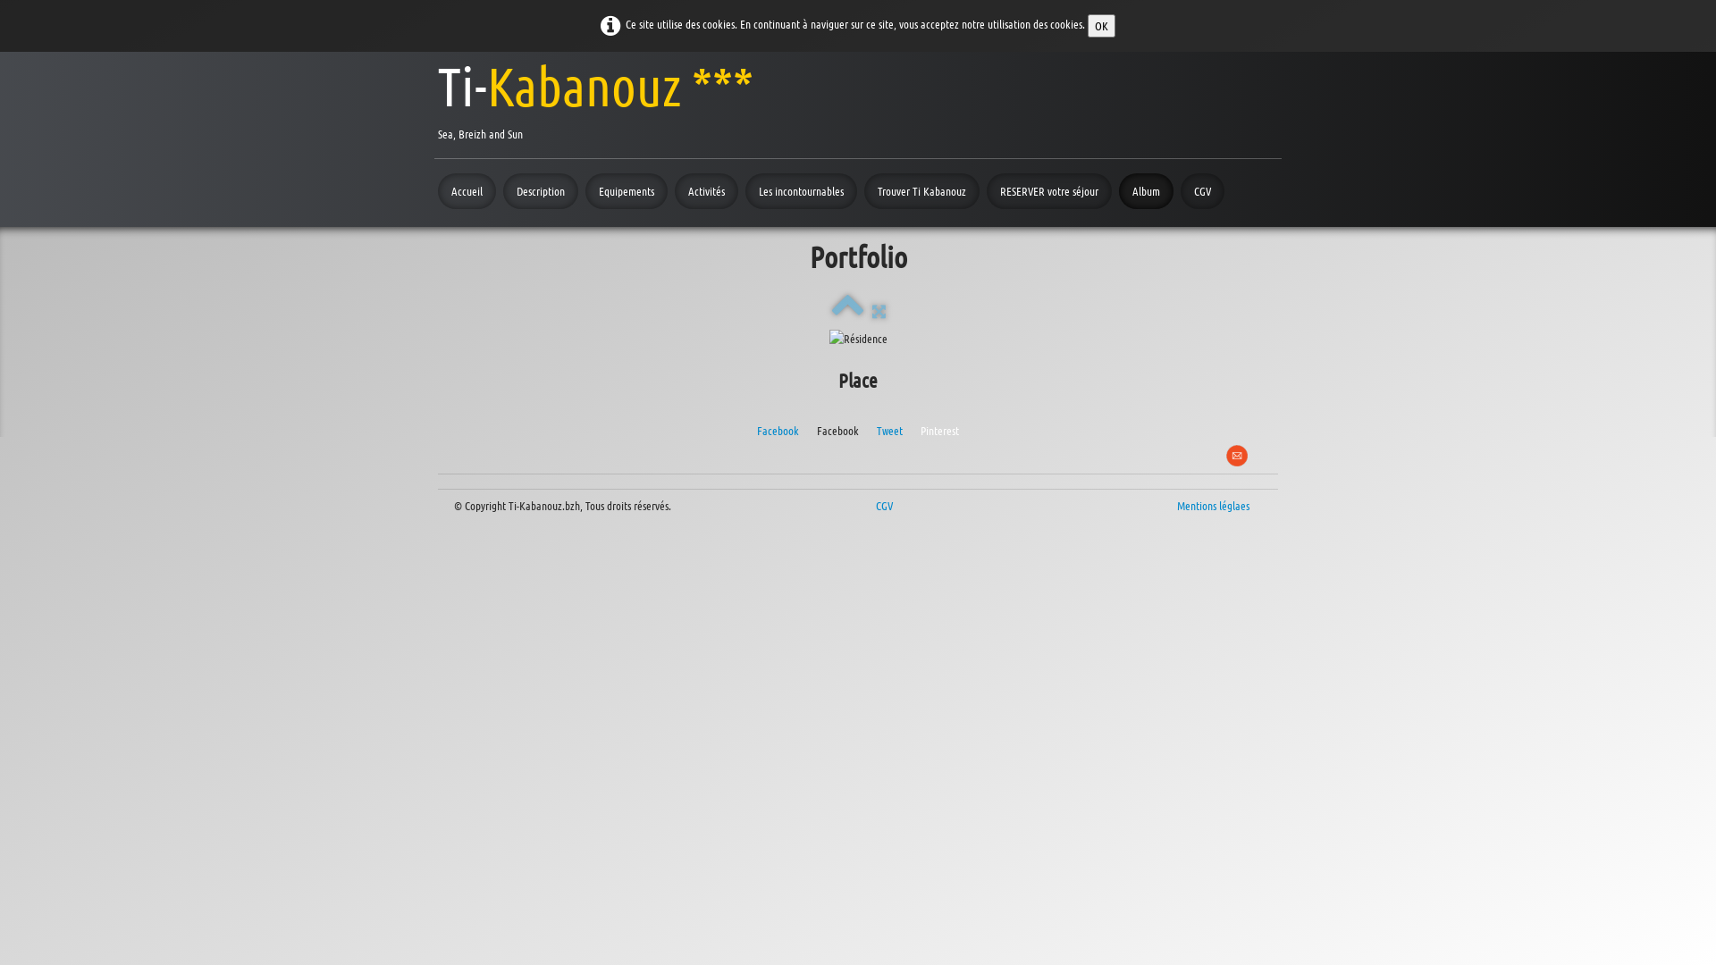 The height and width of the screenshot is (965, 1716). What do you see at coordinates (501, 190) in the screenshot?
I see `'Description'` at bounding box center [501, 190].